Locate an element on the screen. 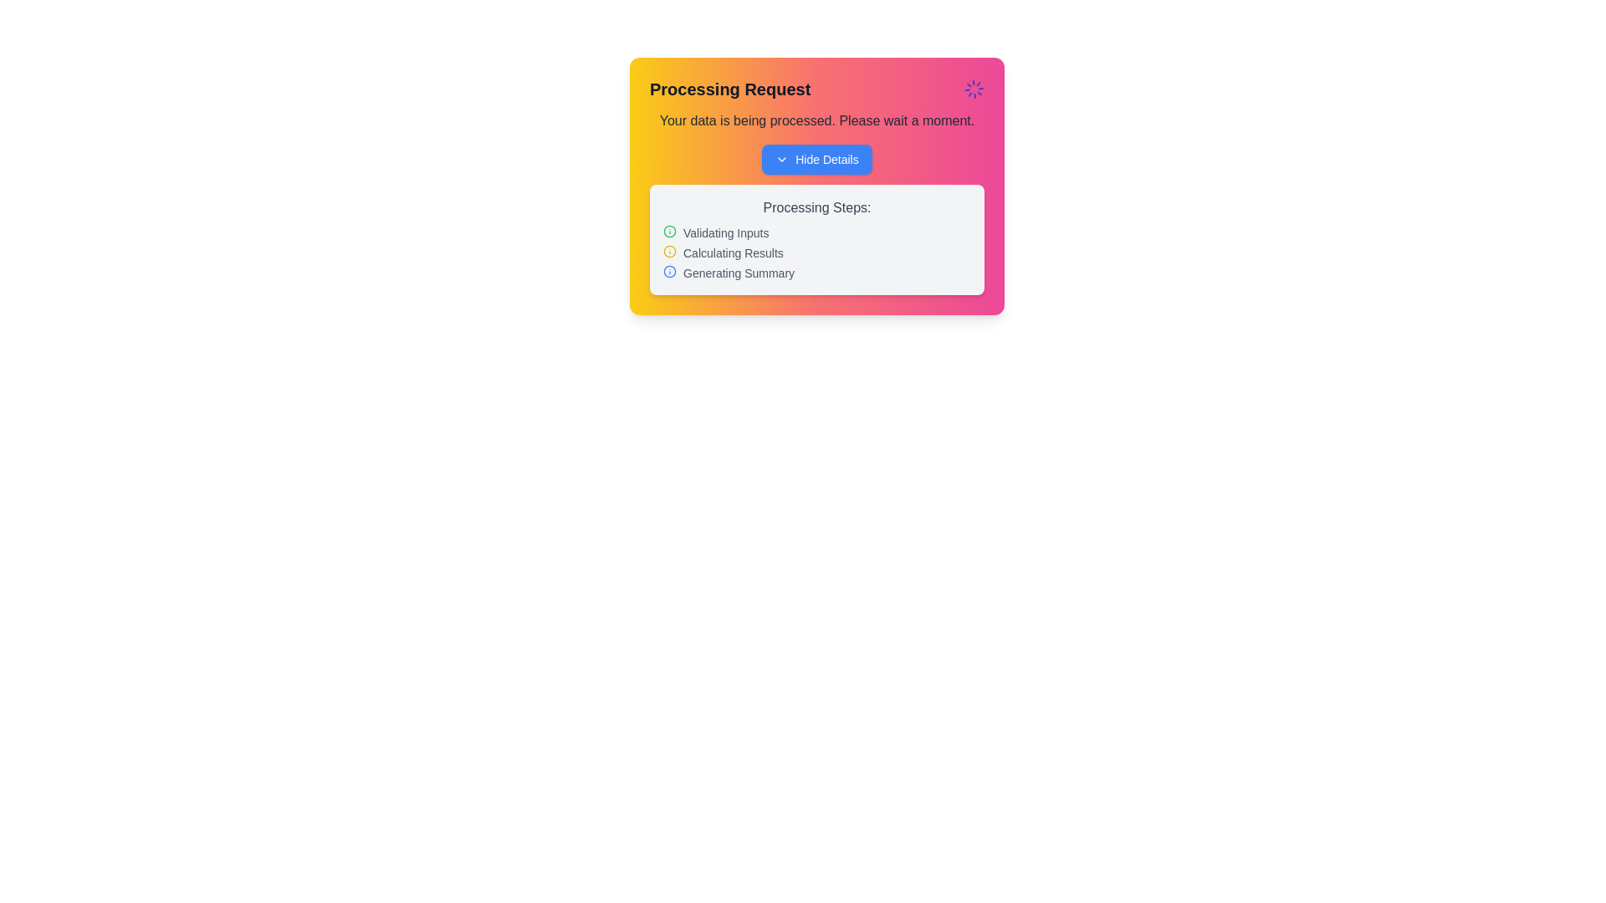  the graphical icon represented by the SVG circle located at the top-left corner of the colorful gradient box is located at coordinates (670, 232).